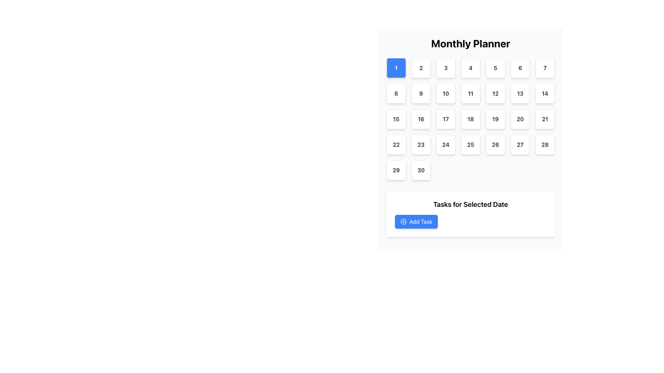 This screenshot has width=664, height=373. What do you see at coordinates (396, 68) in the screenshot?
I see `the square-shaped blue button with a white number '1' centered in bold font, located in the top-left corner of the grid under the 'Monthly Planner' heading for interactive feedback` at bounding box center [396, 68].